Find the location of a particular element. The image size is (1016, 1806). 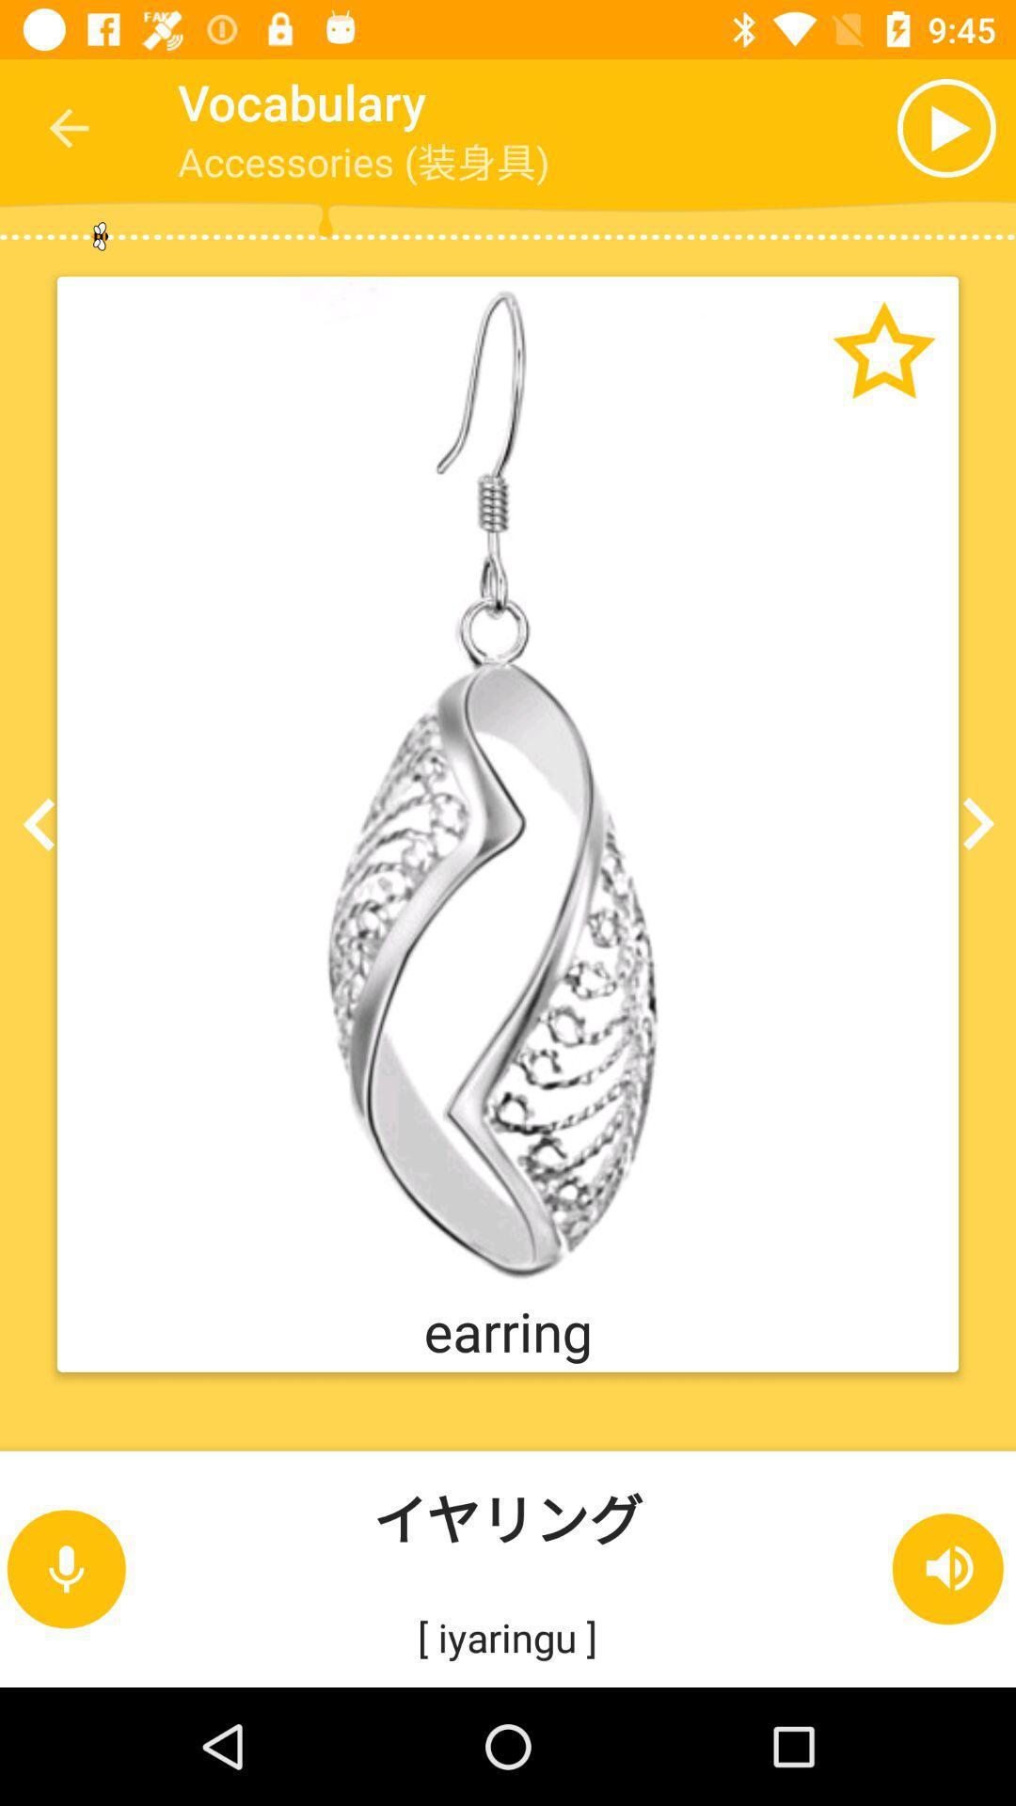

the arrow_forward icon is located at coordinates (971, 824).